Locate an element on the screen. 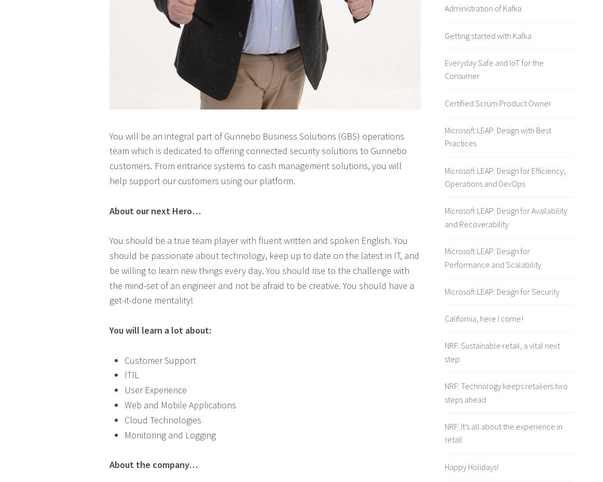 Image resolution: width=603 pixels, height=482 pixels. 'About the company…' is located at coordinates (153, 464).